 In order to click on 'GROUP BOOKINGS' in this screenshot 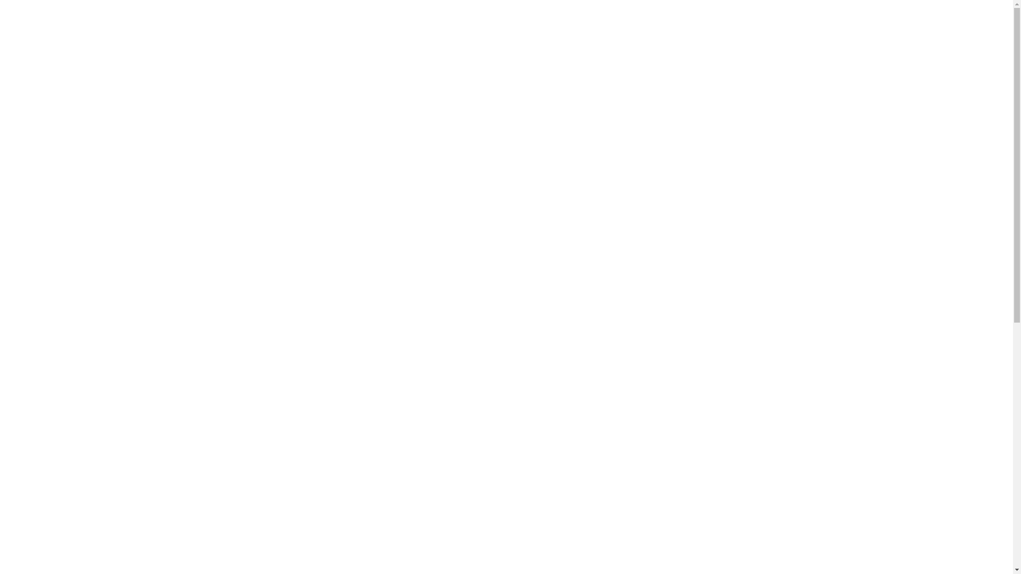, I will do `click(330, 63)`.